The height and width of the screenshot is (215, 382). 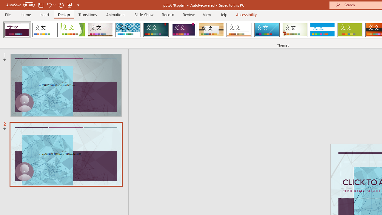 What do you see at coordinates (128, 30) in the screenshot?
I see `'Integral'` at bounding box center [128, 30].